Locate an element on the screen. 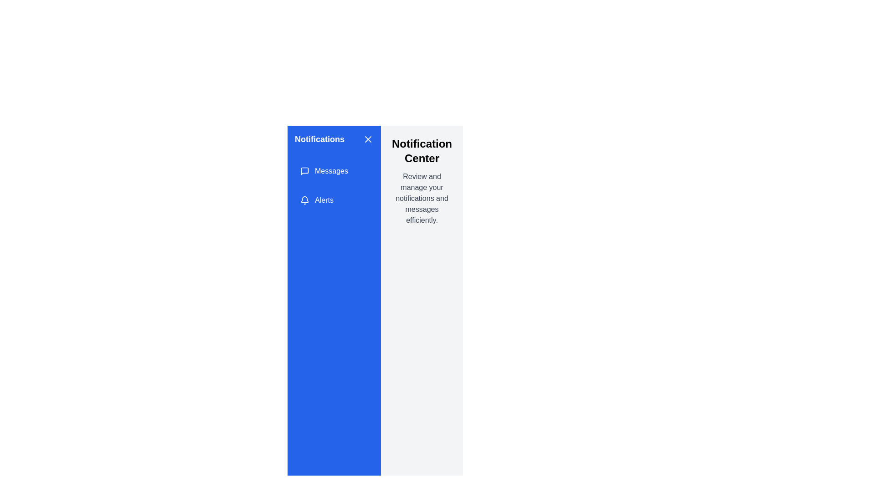 The width and height of the screenshot is (875, 492). the close button located in the top-right corner of the 'Notifications' header bar is located at coordinates (368, 139).